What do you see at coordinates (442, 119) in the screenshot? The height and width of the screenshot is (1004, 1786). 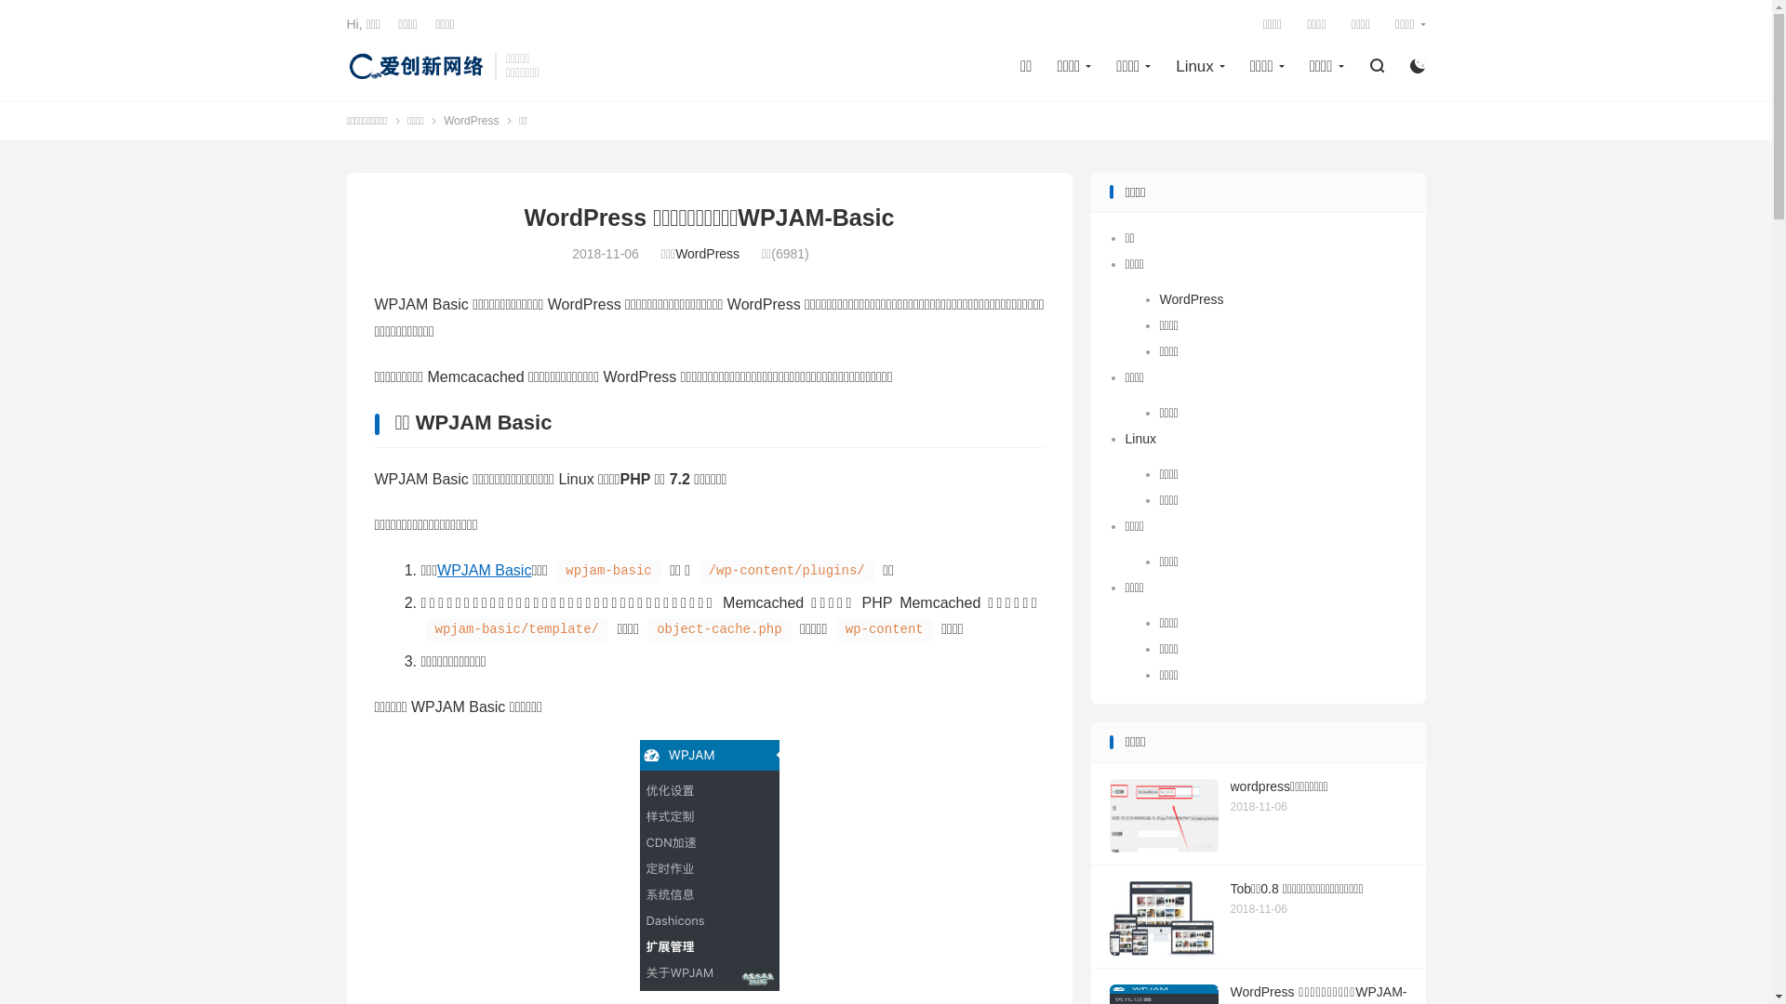 I see `'WordPress'` at bounding box center [442, 119].